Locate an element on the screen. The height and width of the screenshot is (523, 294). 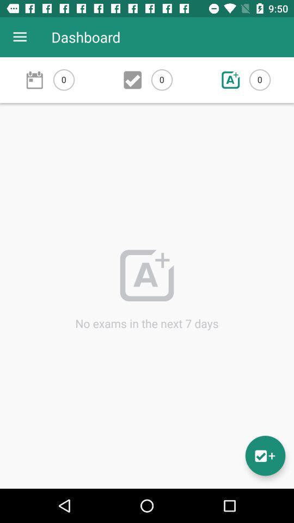
the emoji icon is located at coordinates (265, 455).